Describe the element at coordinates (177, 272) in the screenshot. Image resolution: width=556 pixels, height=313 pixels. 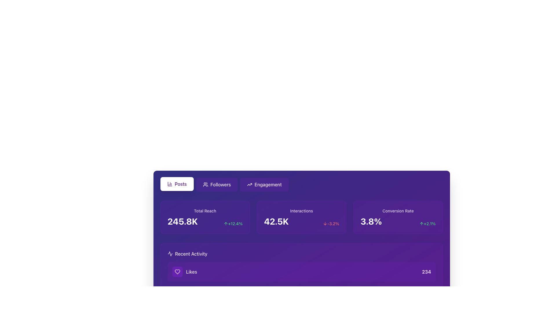
I see `the heart-shaped icon styled with purple color and a faint hollow stroke, located next to the 'Likes' text in the 'Recent Activity' section of the purple dashboard interface` at that location.